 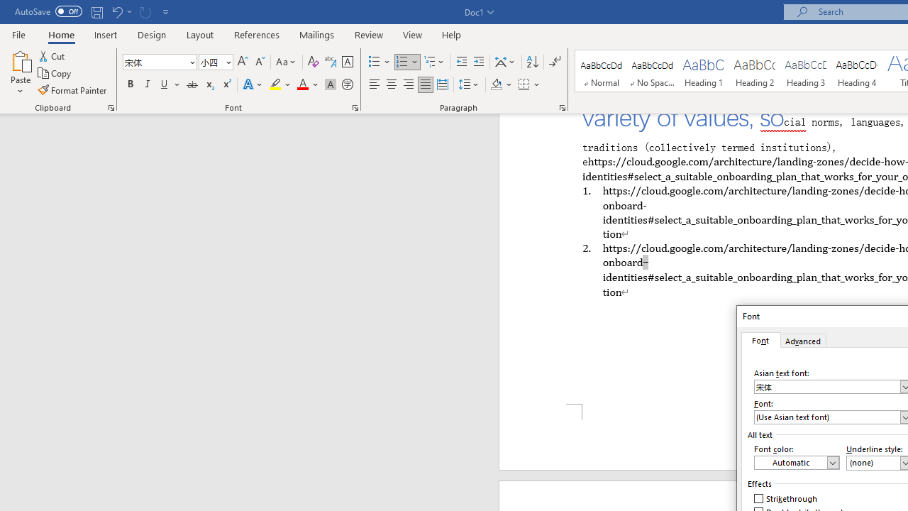 I want to click on 'Text Effects and Typography', so click(x=253, y=84).